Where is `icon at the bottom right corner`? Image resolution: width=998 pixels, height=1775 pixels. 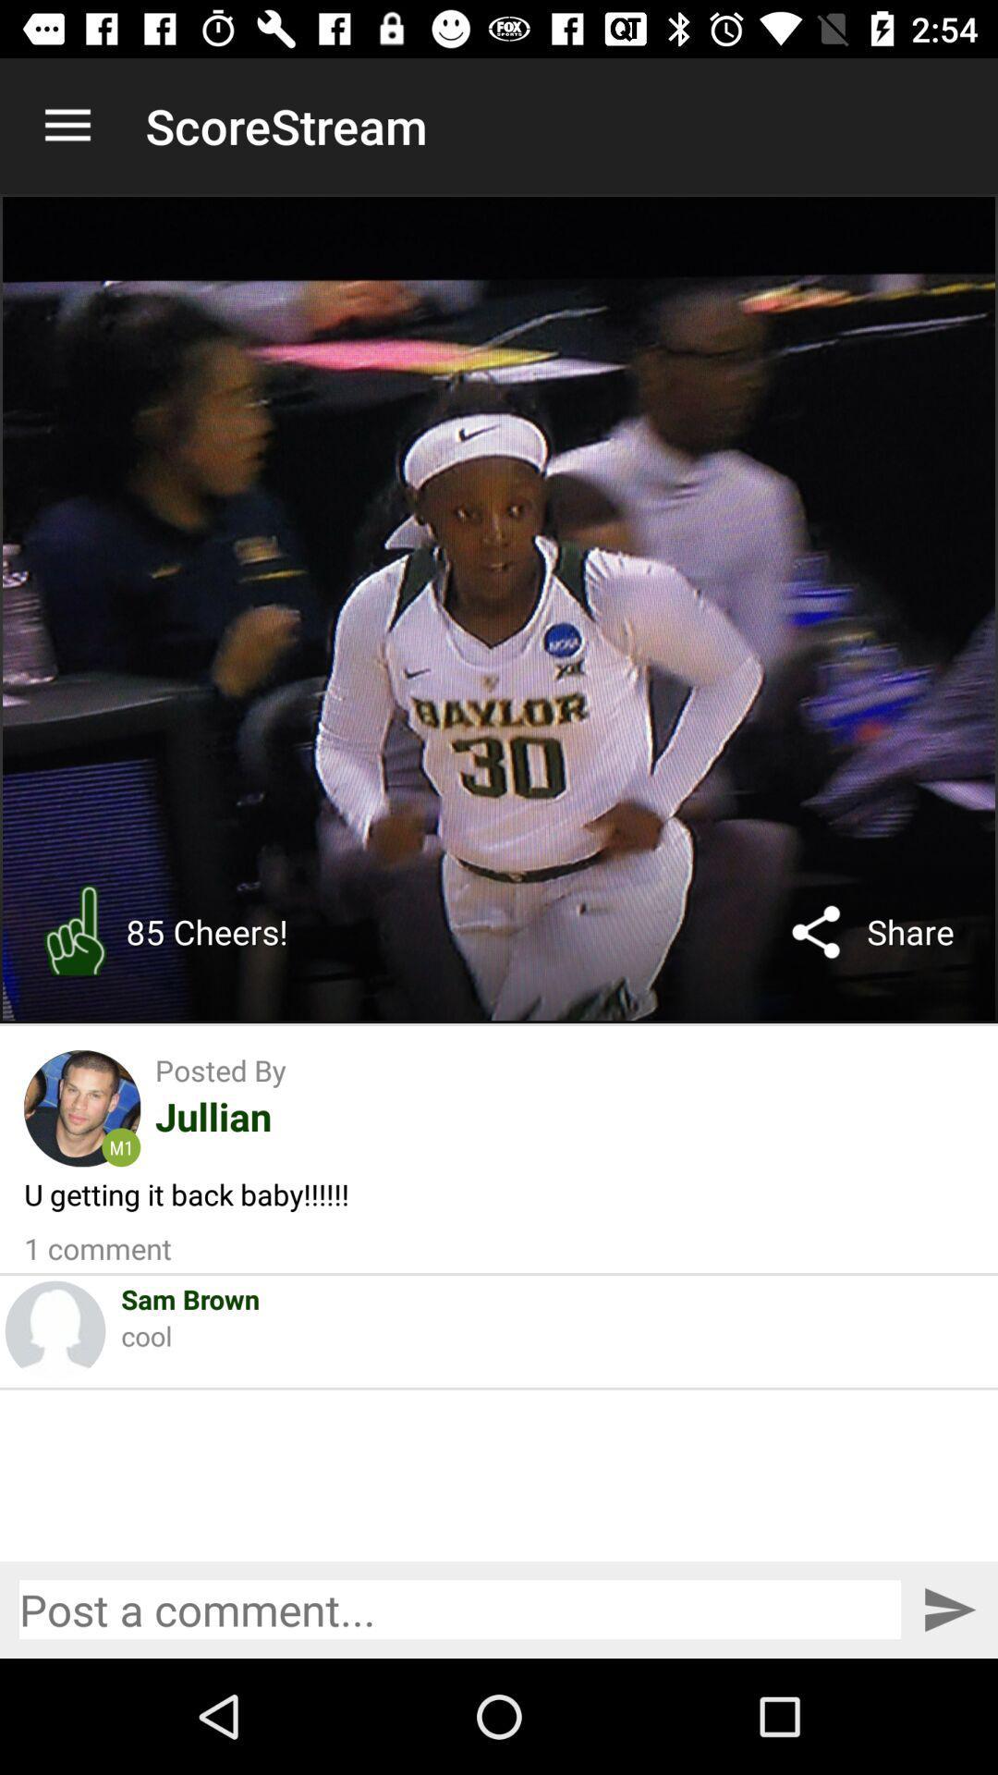 icon at the bottom right corner is located at coordinates (949, 1609).